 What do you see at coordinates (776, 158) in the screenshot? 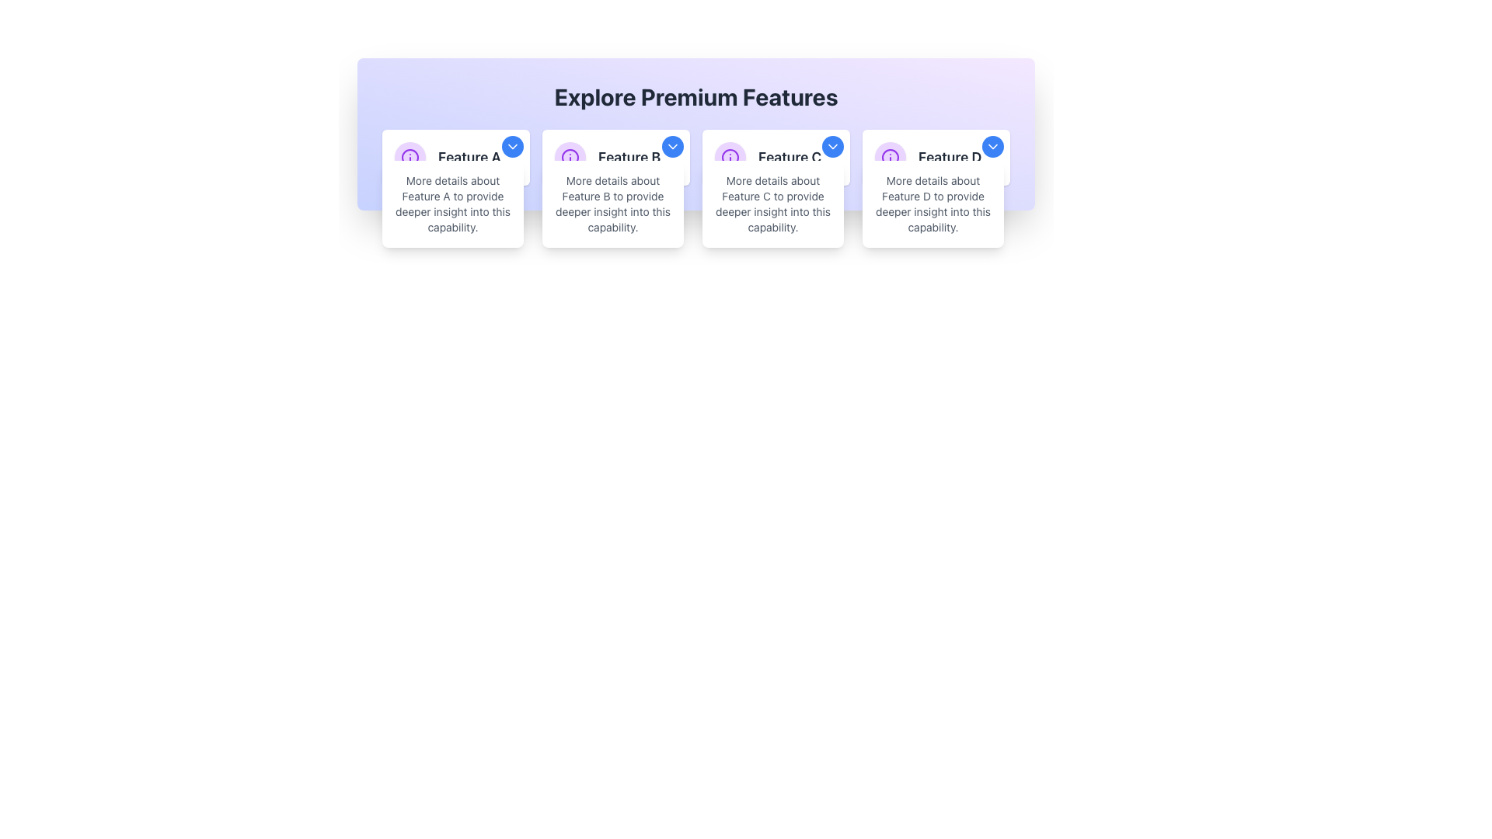
I see `the text label indicating 'Feature C'` at bounding box center [776, 158].